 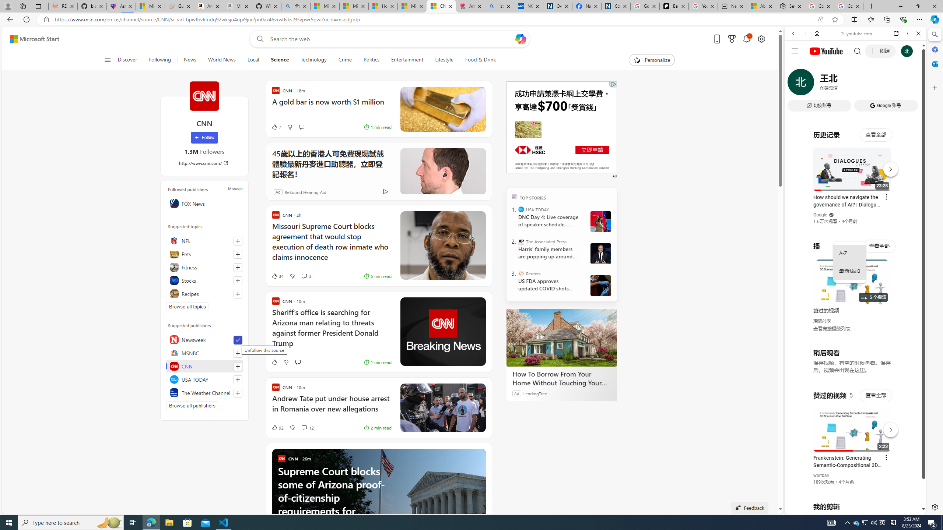 I want to click on 'Lifestyle', so click(x=444, y=60).